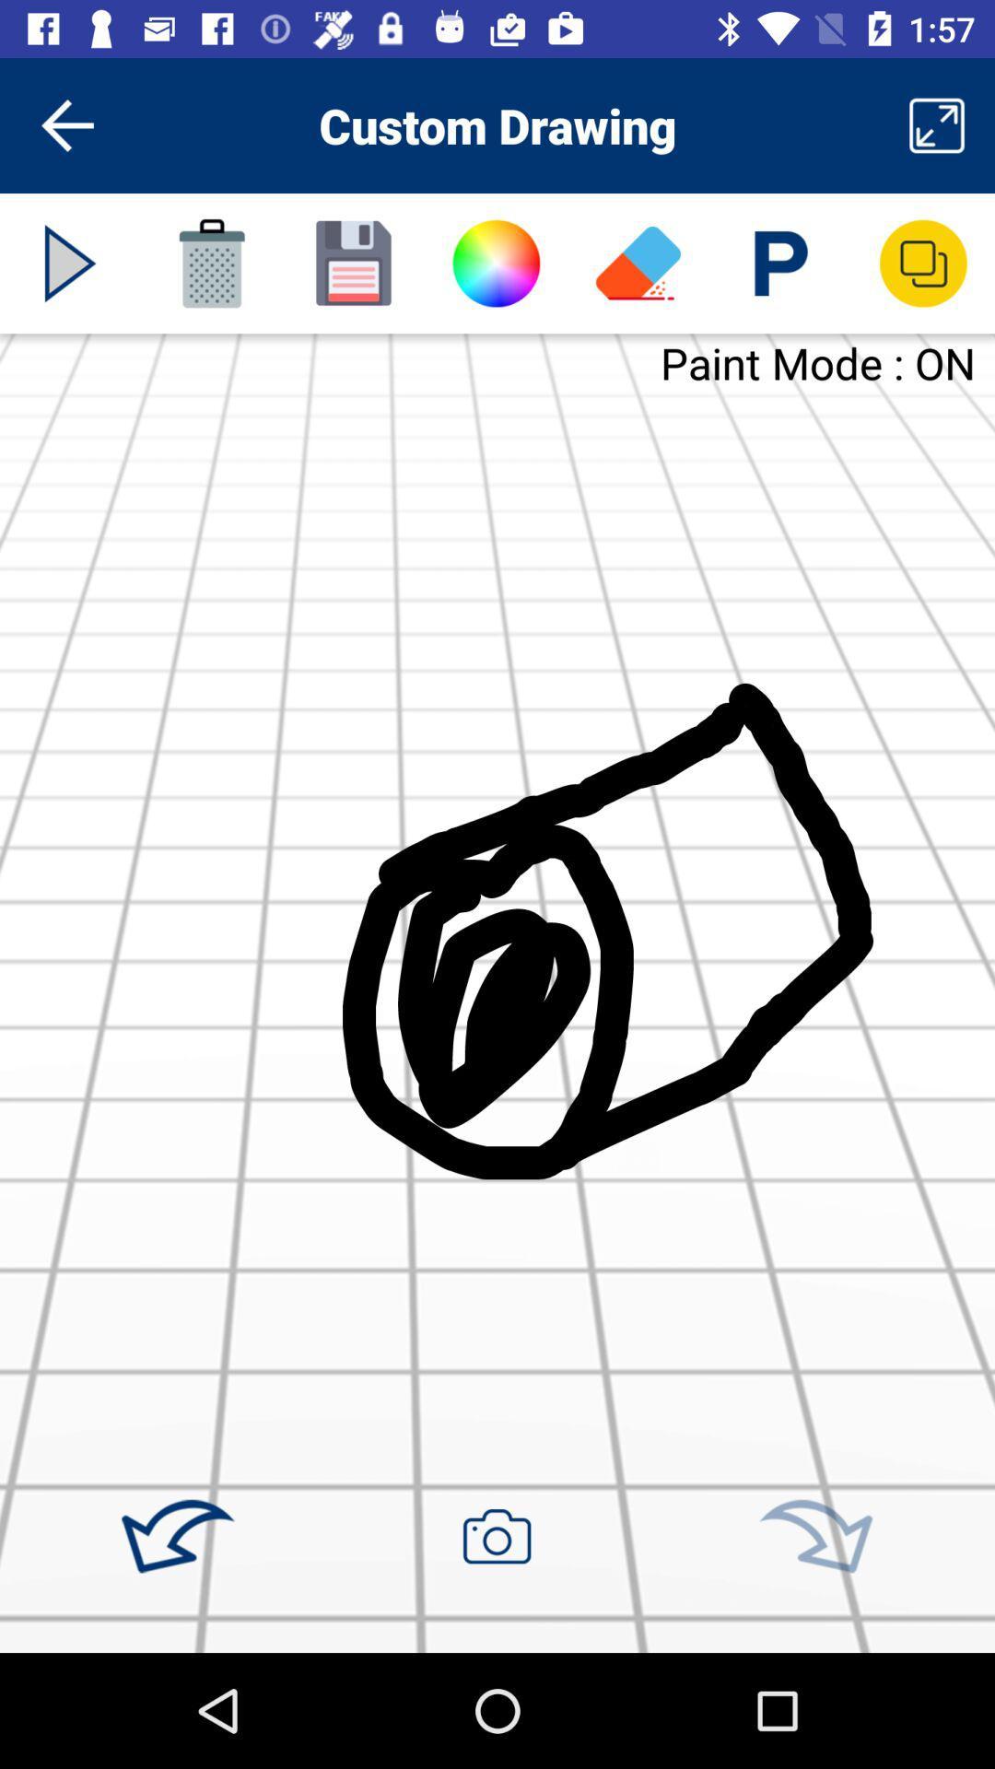 This screenshot has width=995, height=1769. I want to click on erase, so click(638, 263).